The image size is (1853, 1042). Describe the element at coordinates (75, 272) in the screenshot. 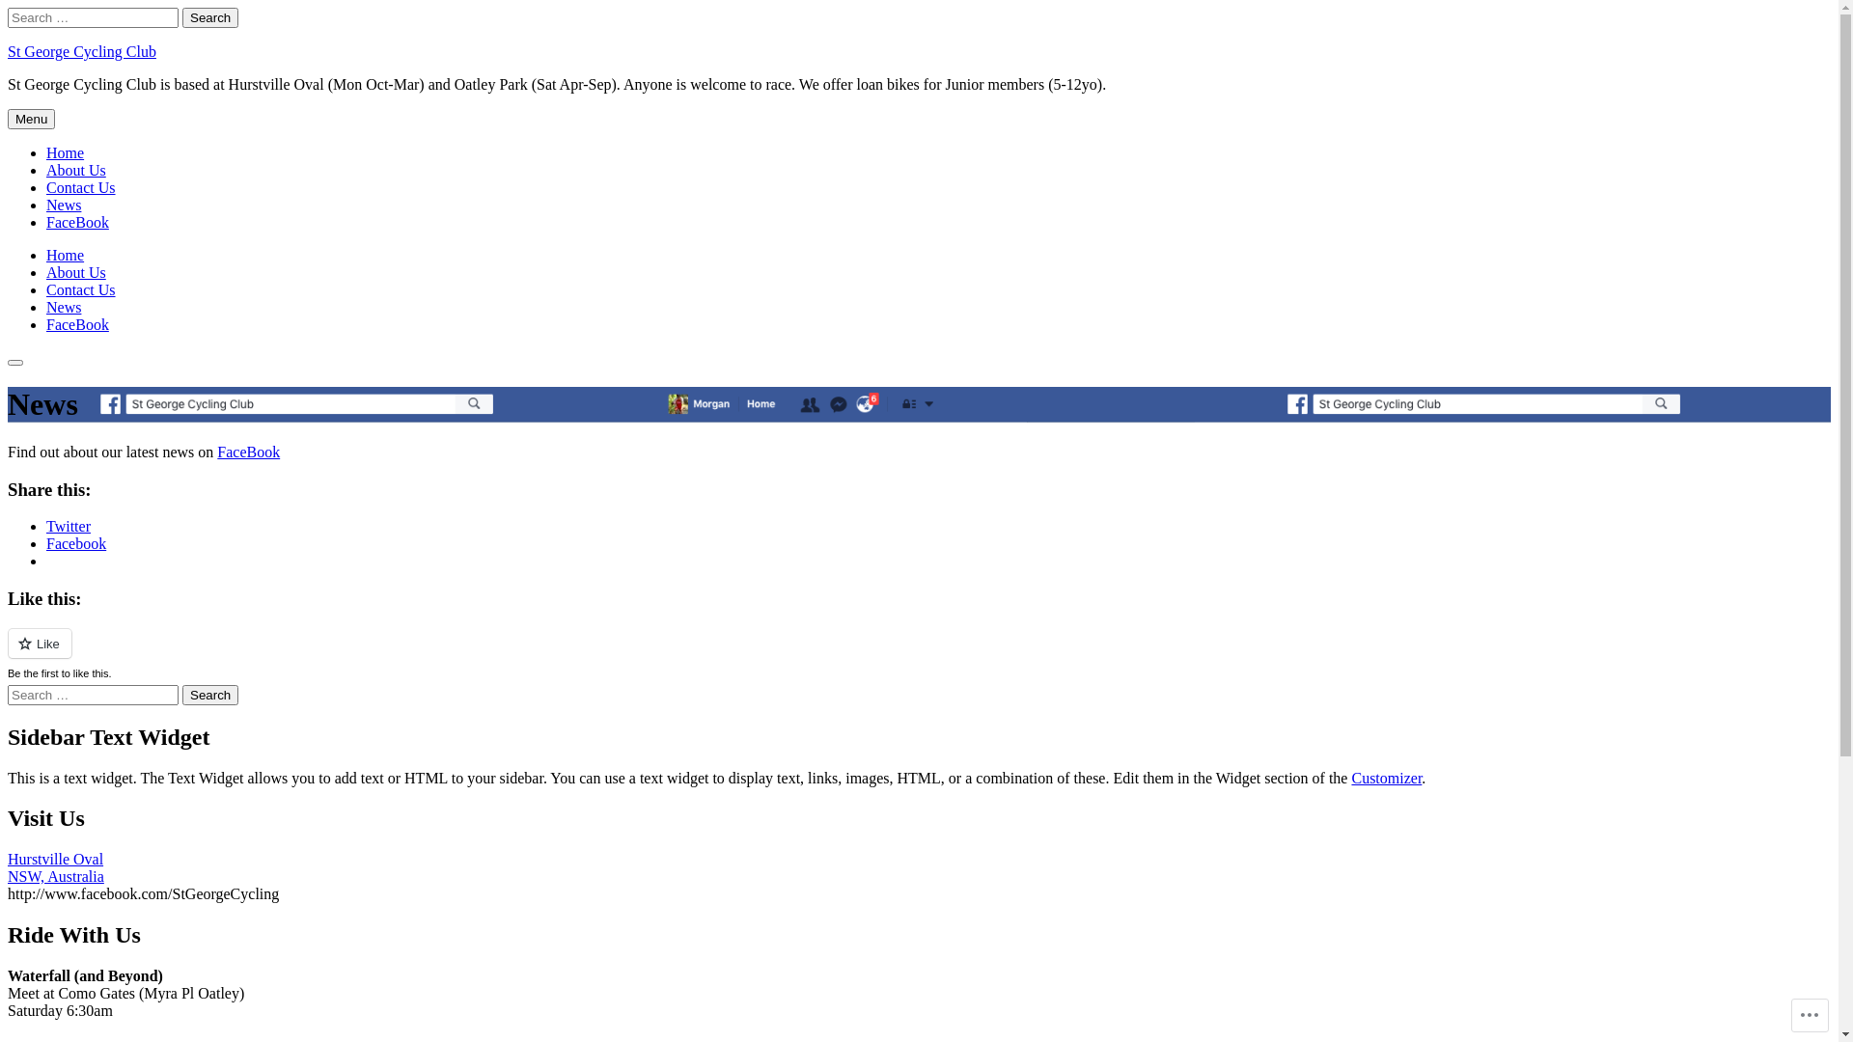

I see `'About Us'` at that location.